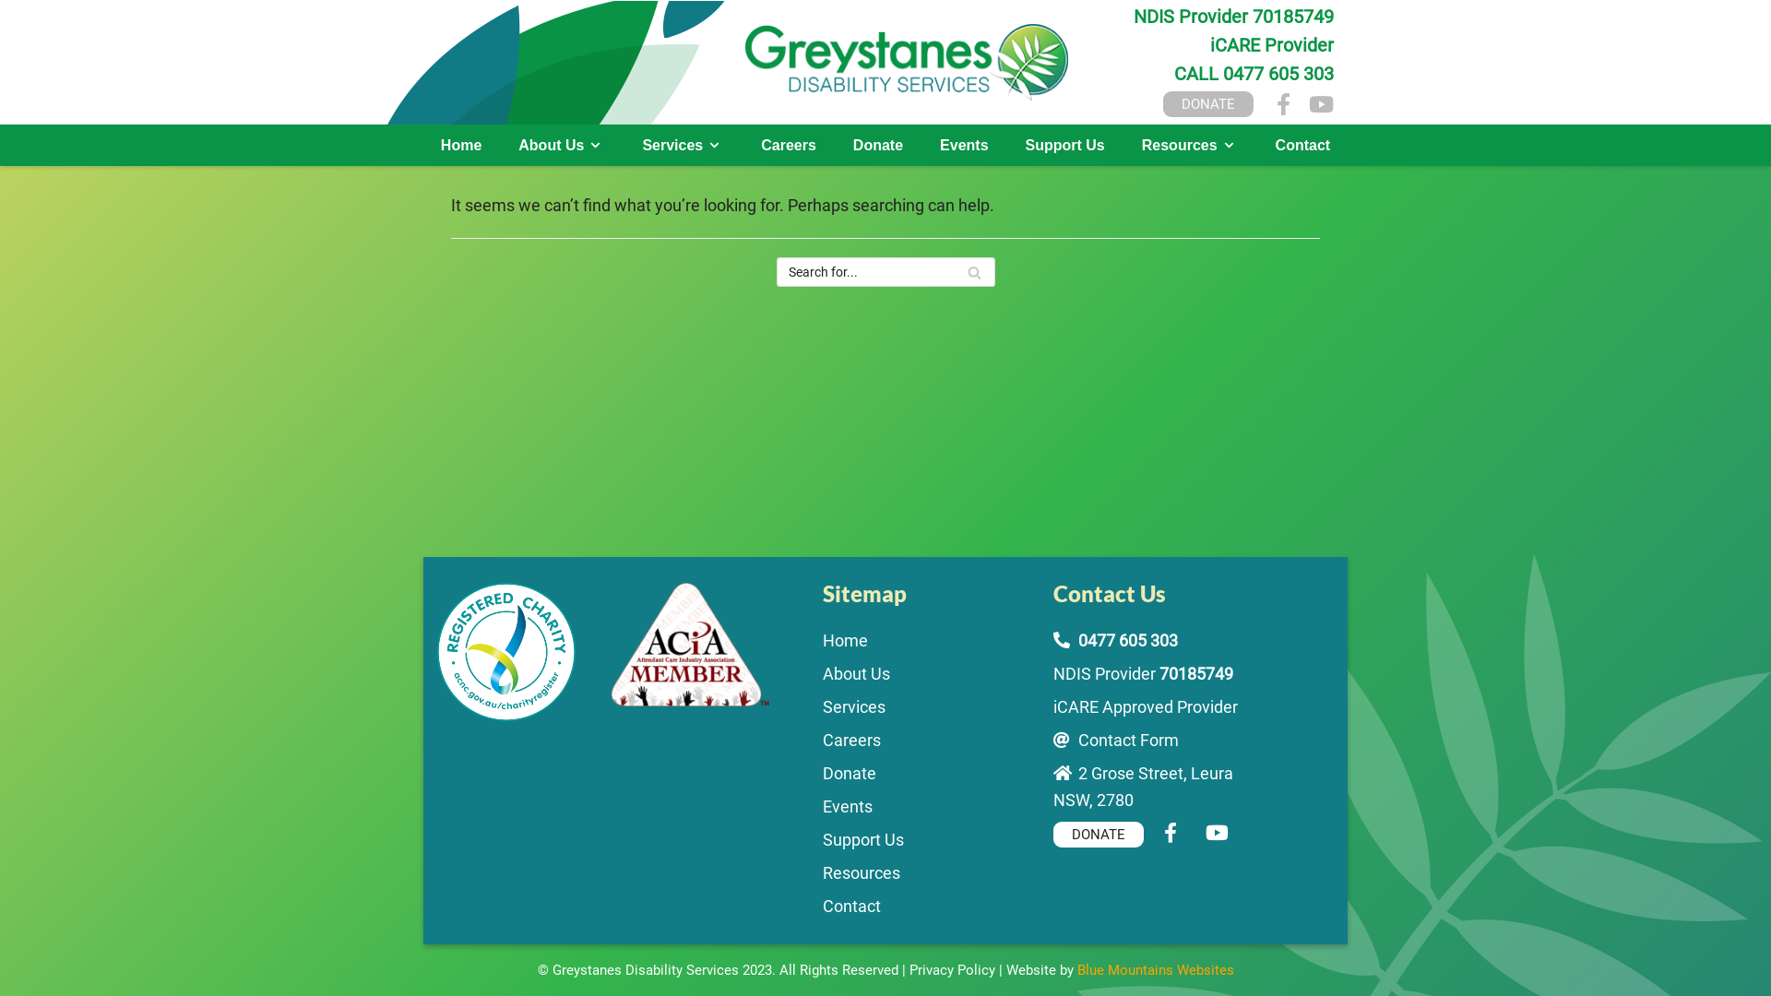 The image size is (1771, 996). What do you see at coordinates (1208, 103) in the screenshot?
I see `'DONATE'` at bounding box center [1208, 103].